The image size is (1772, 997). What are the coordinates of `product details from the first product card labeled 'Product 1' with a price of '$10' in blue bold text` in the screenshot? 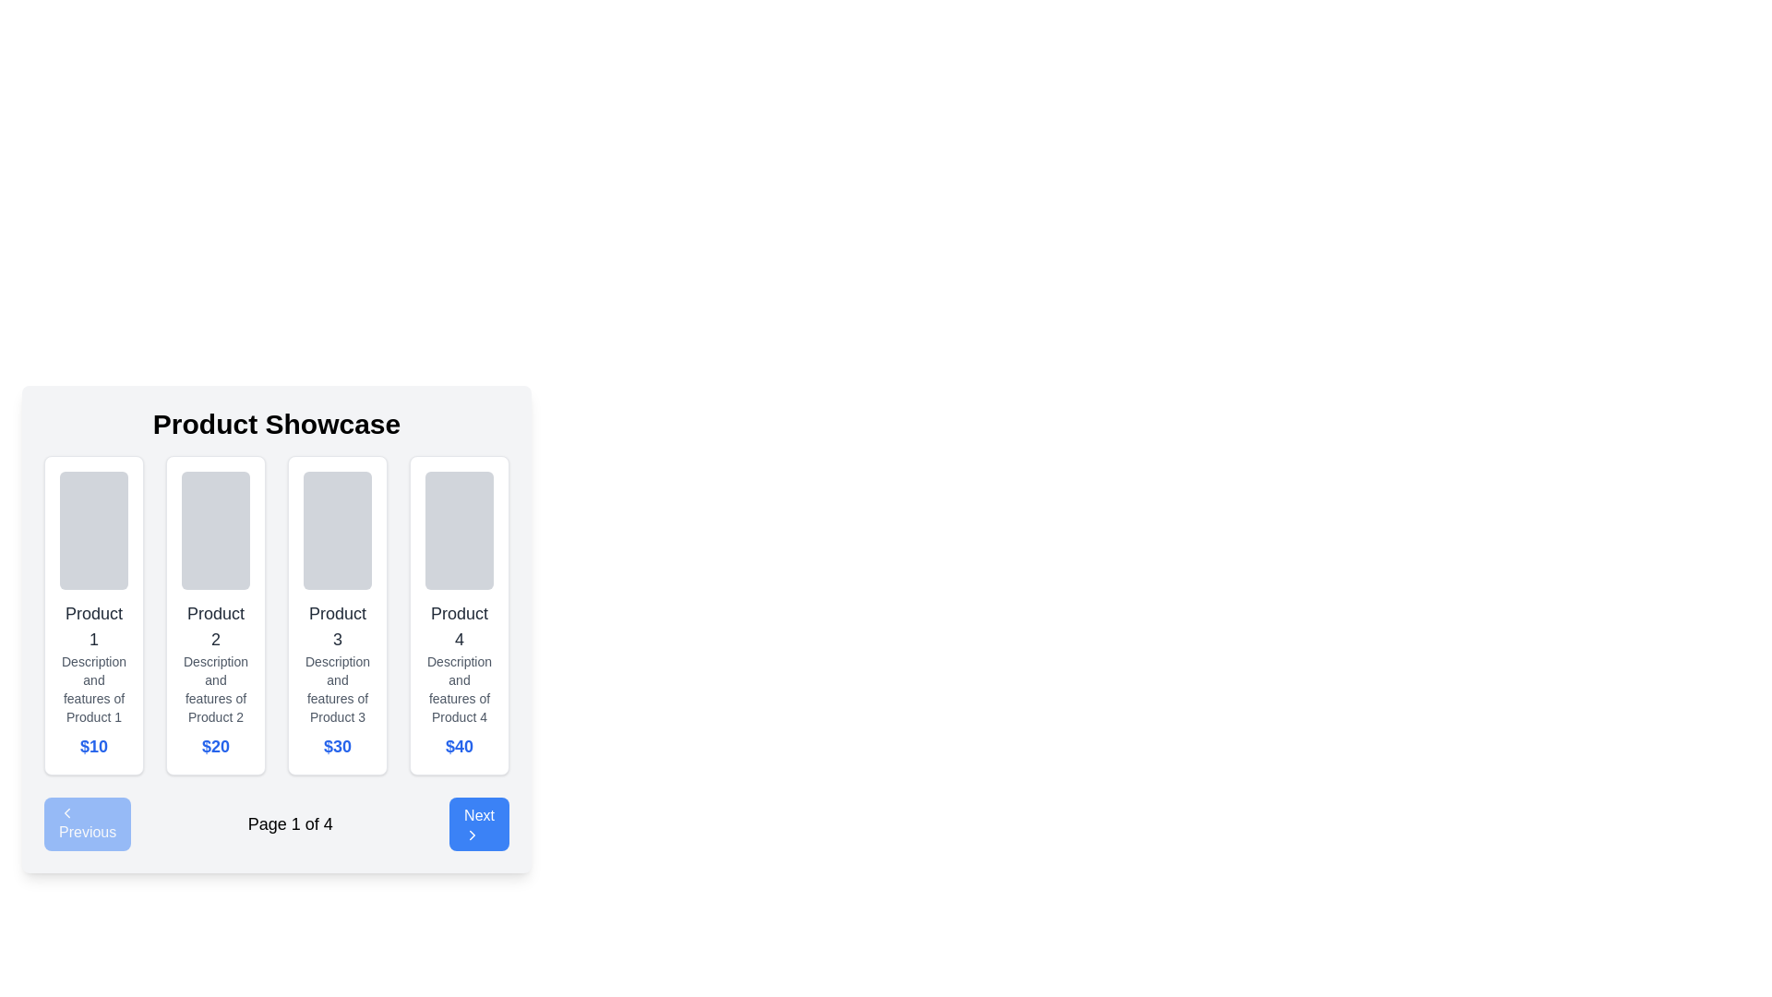 It's located at (92, 616).